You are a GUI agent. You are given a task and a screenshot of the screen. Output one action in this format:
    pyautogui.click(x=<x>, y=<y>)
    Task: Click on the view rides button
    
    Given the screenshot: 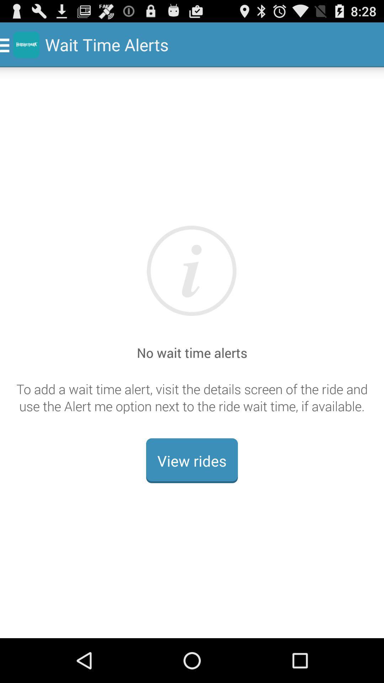 What is the action you would take?
    pyautogui.click(x=192, y=461)
    